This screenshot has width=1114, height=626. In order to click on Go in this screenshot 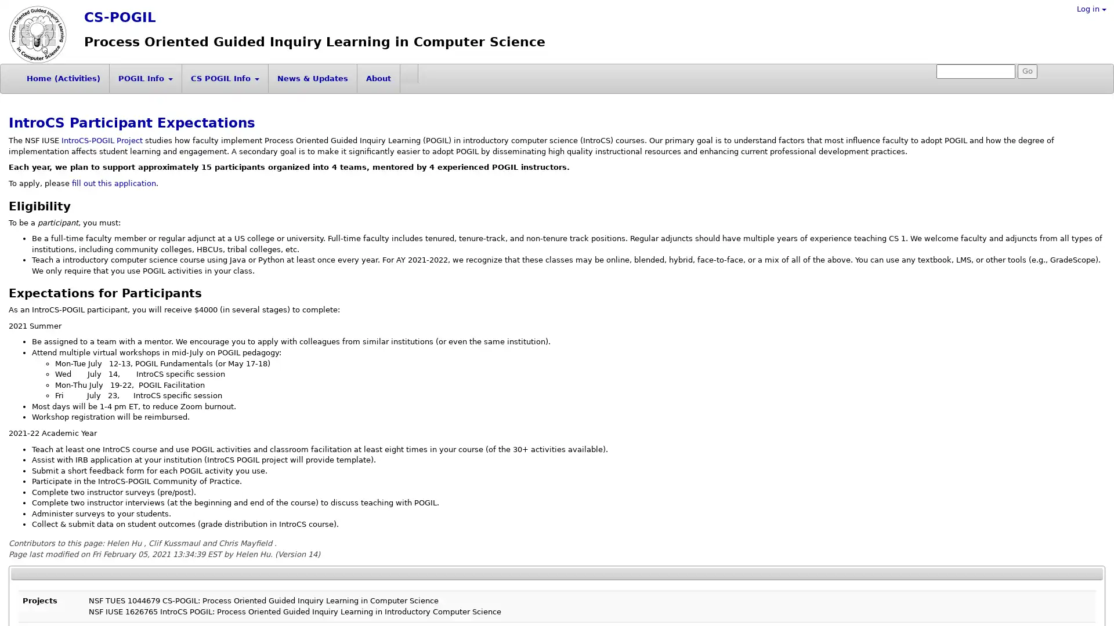, I will do `click(1028, 71)`.